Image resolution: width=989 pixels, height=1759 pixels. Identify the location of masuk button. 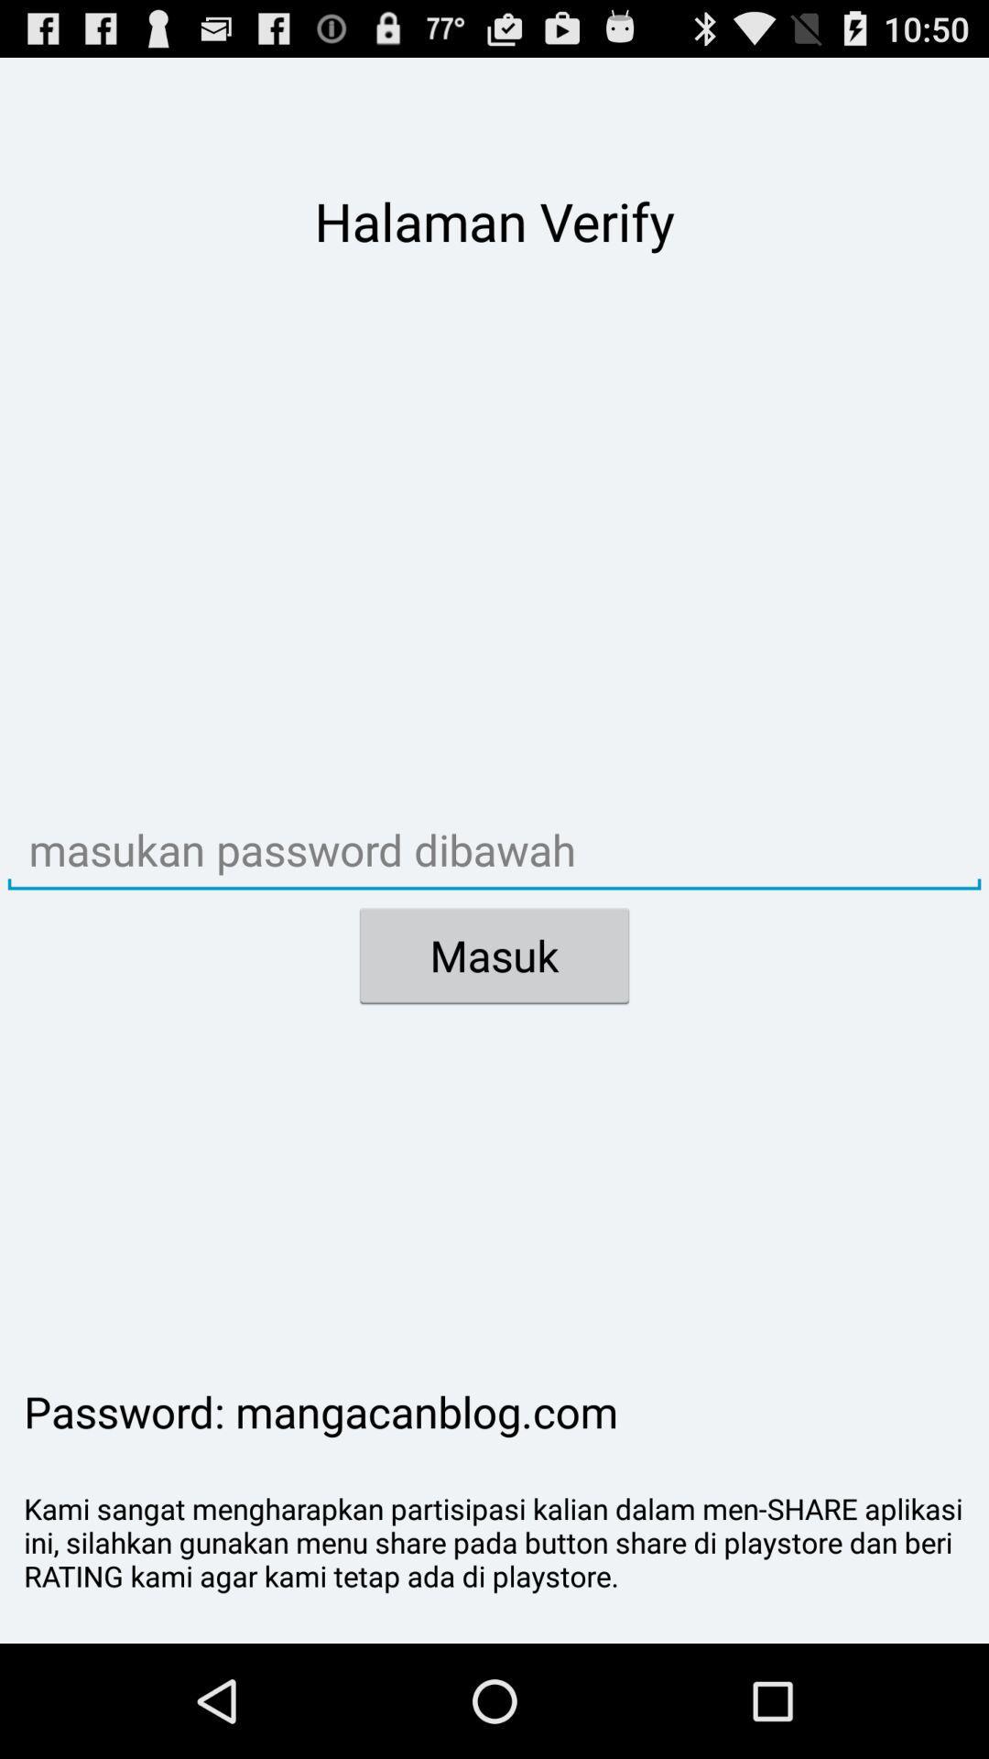
(494, 955).